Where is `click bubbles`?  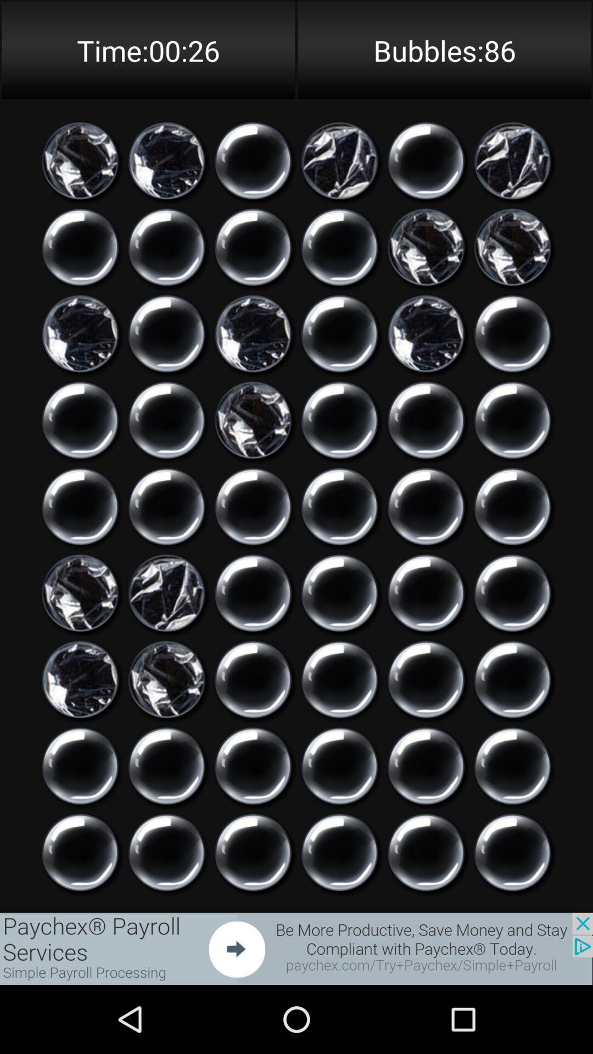
click bubbles is located at coordinates (512, 506).